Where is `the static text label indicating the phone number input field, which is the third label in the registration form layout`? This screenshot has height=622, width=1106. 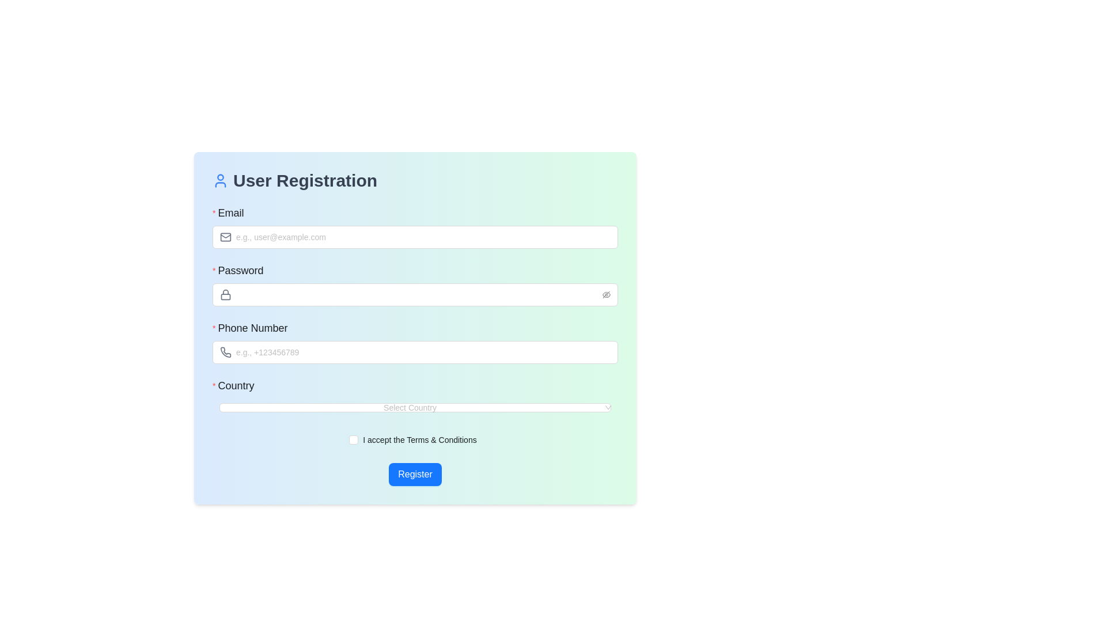 the static text label indicating the phone number input field, which is the third label in the registration form layout is located at coordinates (252, 328).